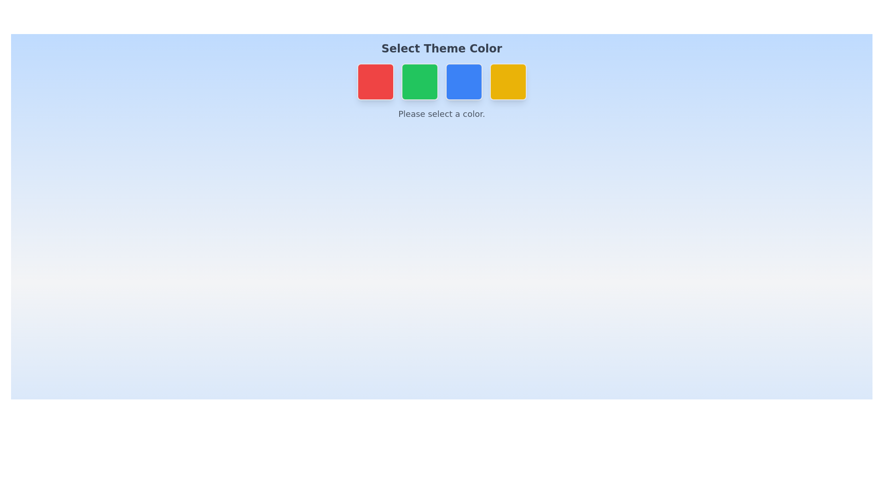 This screenshot has width=884, height=497. I want to click on the color button corresponding to Red, so click(375, 81).